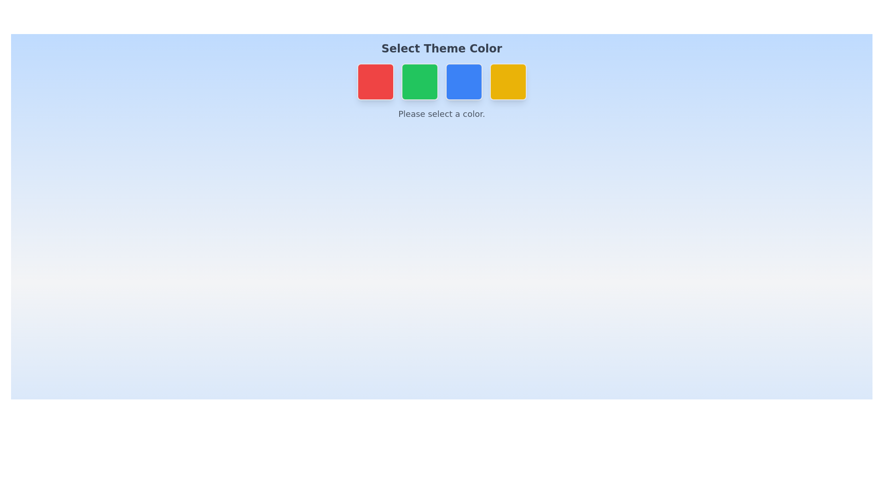 This screenshot has width=884, height=497. I want to click on the color button corresponding to Red, so click(375, 81).